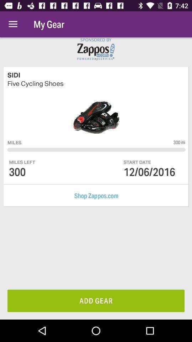  Describe the element at coordinates (137, 162) in the screenshot. I see `start date icon` at that location.